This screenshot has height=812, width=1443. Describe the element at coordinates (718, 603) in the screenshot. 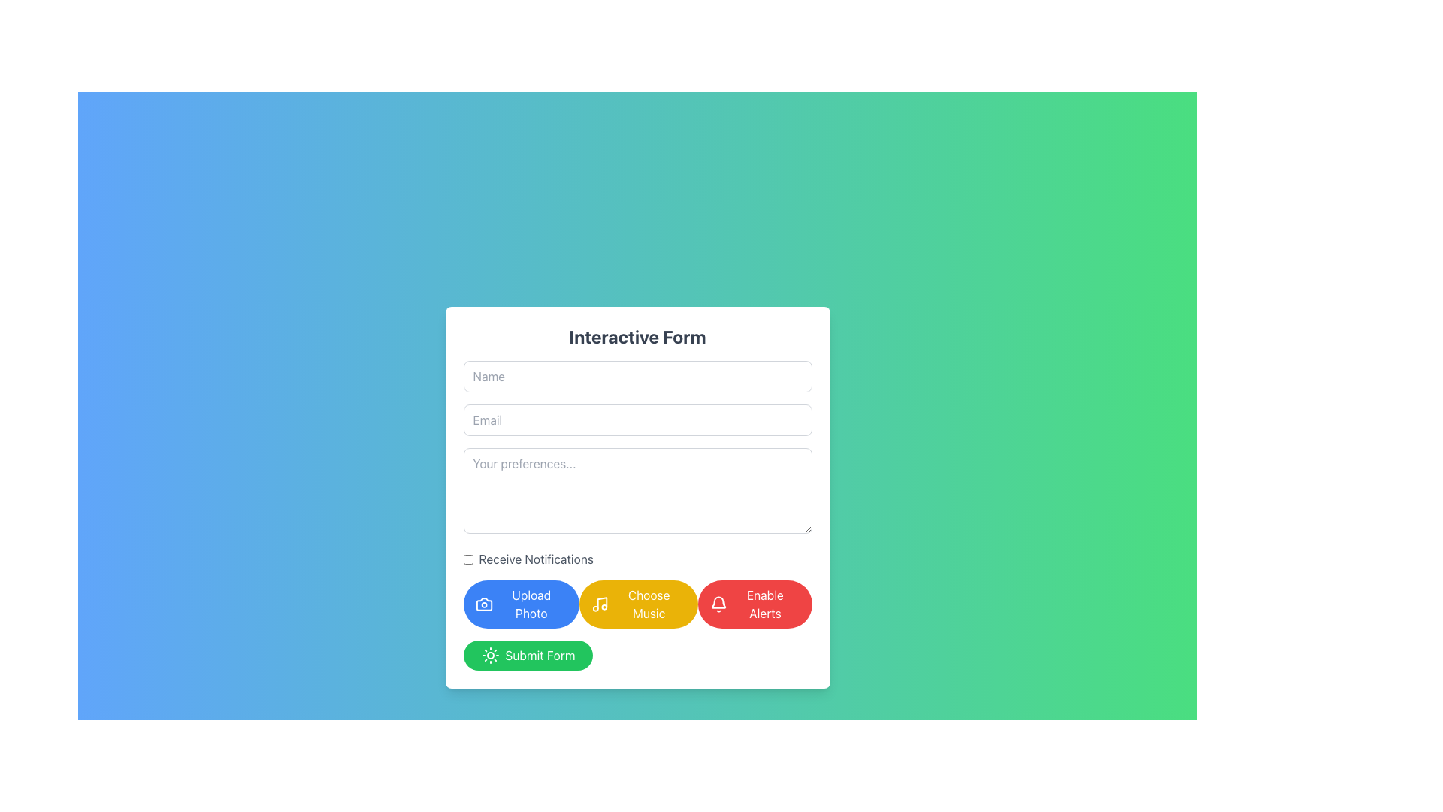

I see `the red circular button containing the bell icon labeled 'Enable Alerts'` at that location.